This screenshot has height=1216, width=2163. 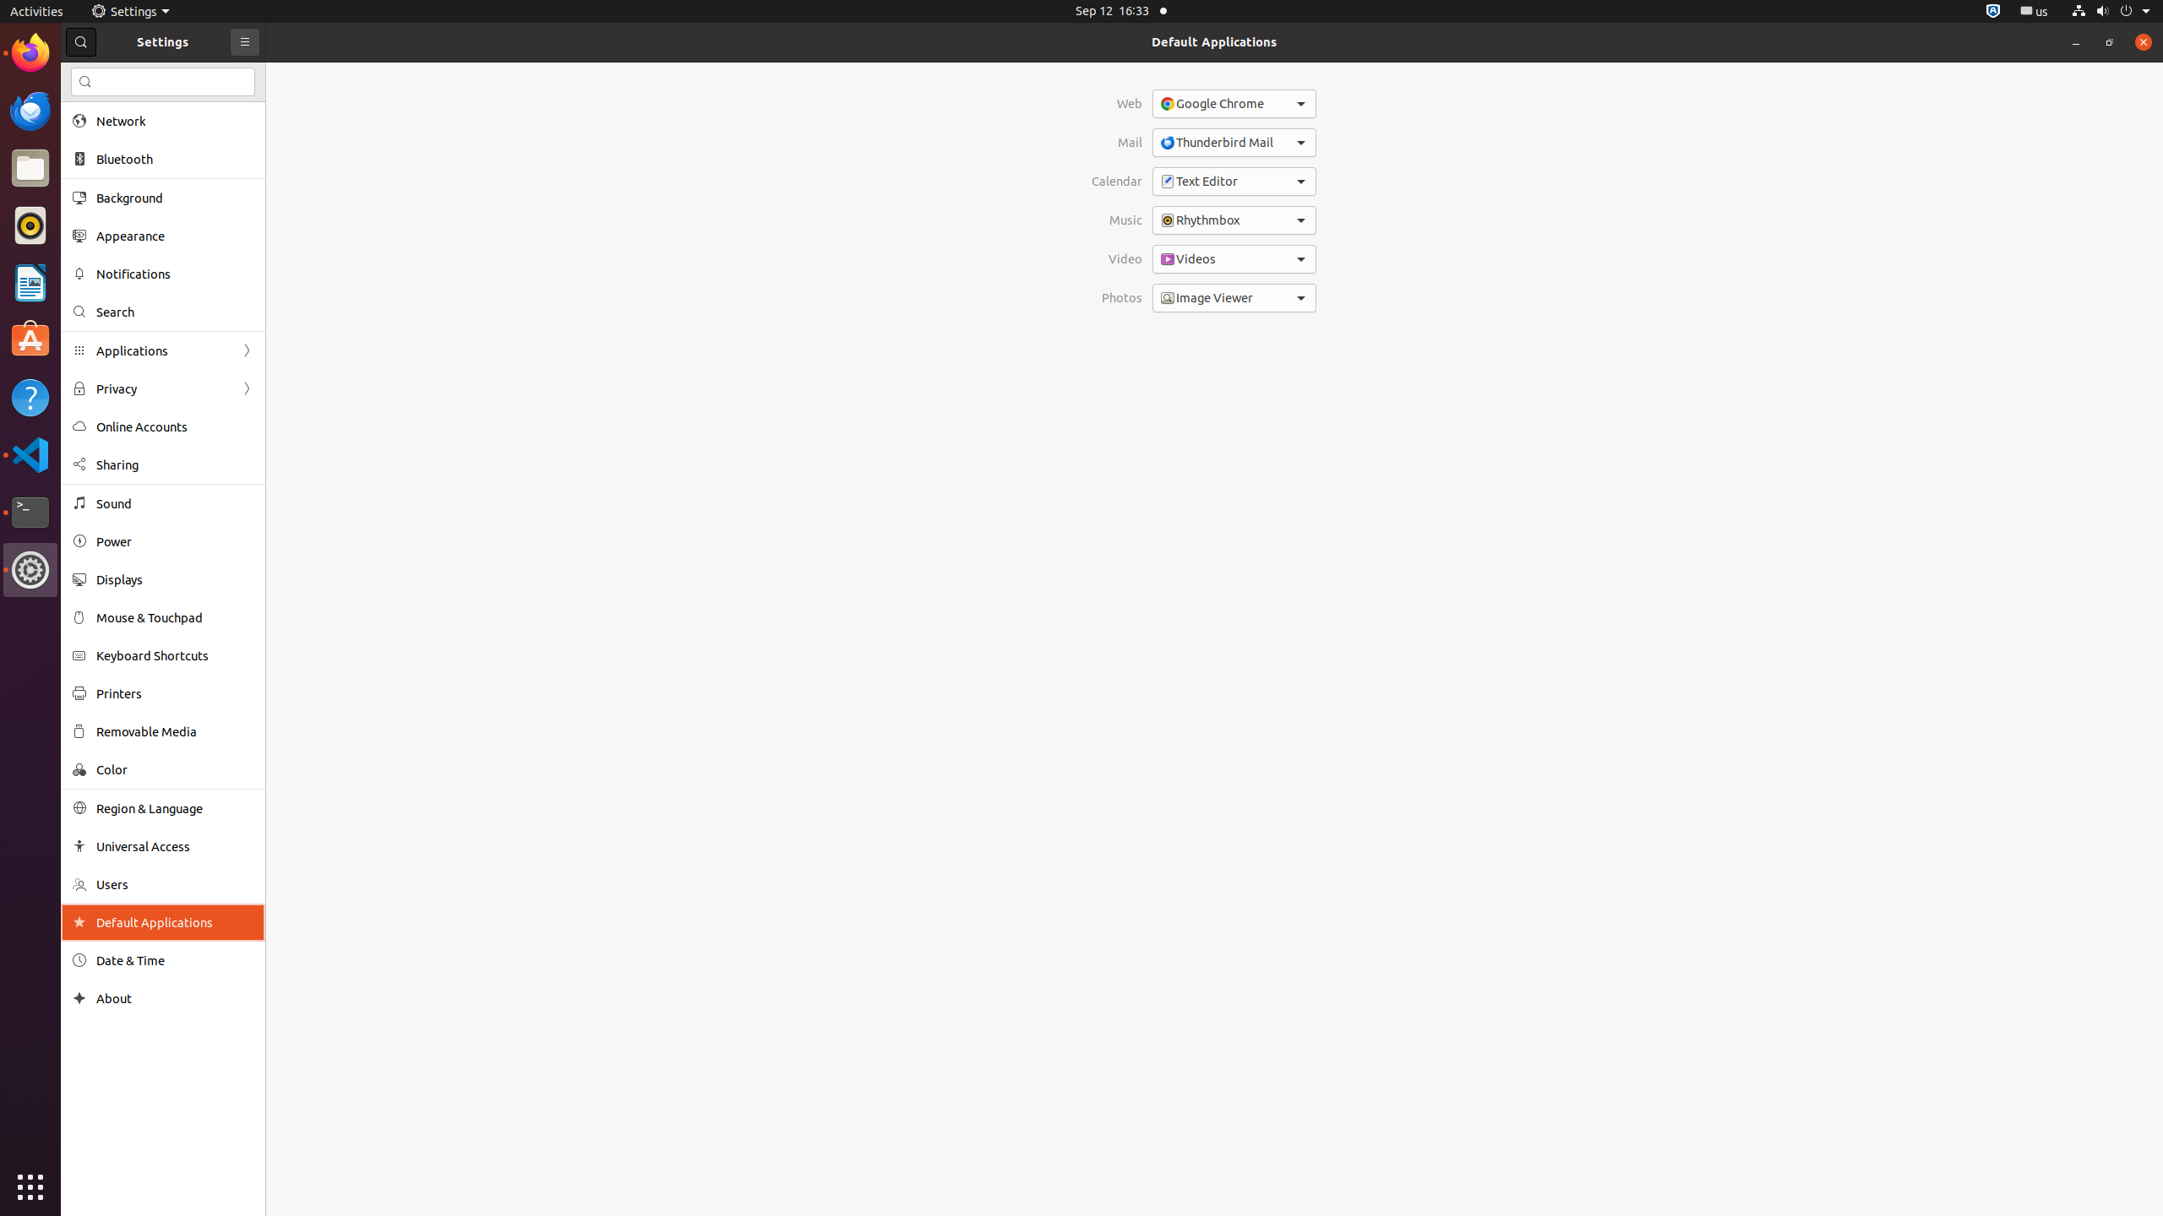 I want to click on 'Minimize', so click(x=2076, y=41).